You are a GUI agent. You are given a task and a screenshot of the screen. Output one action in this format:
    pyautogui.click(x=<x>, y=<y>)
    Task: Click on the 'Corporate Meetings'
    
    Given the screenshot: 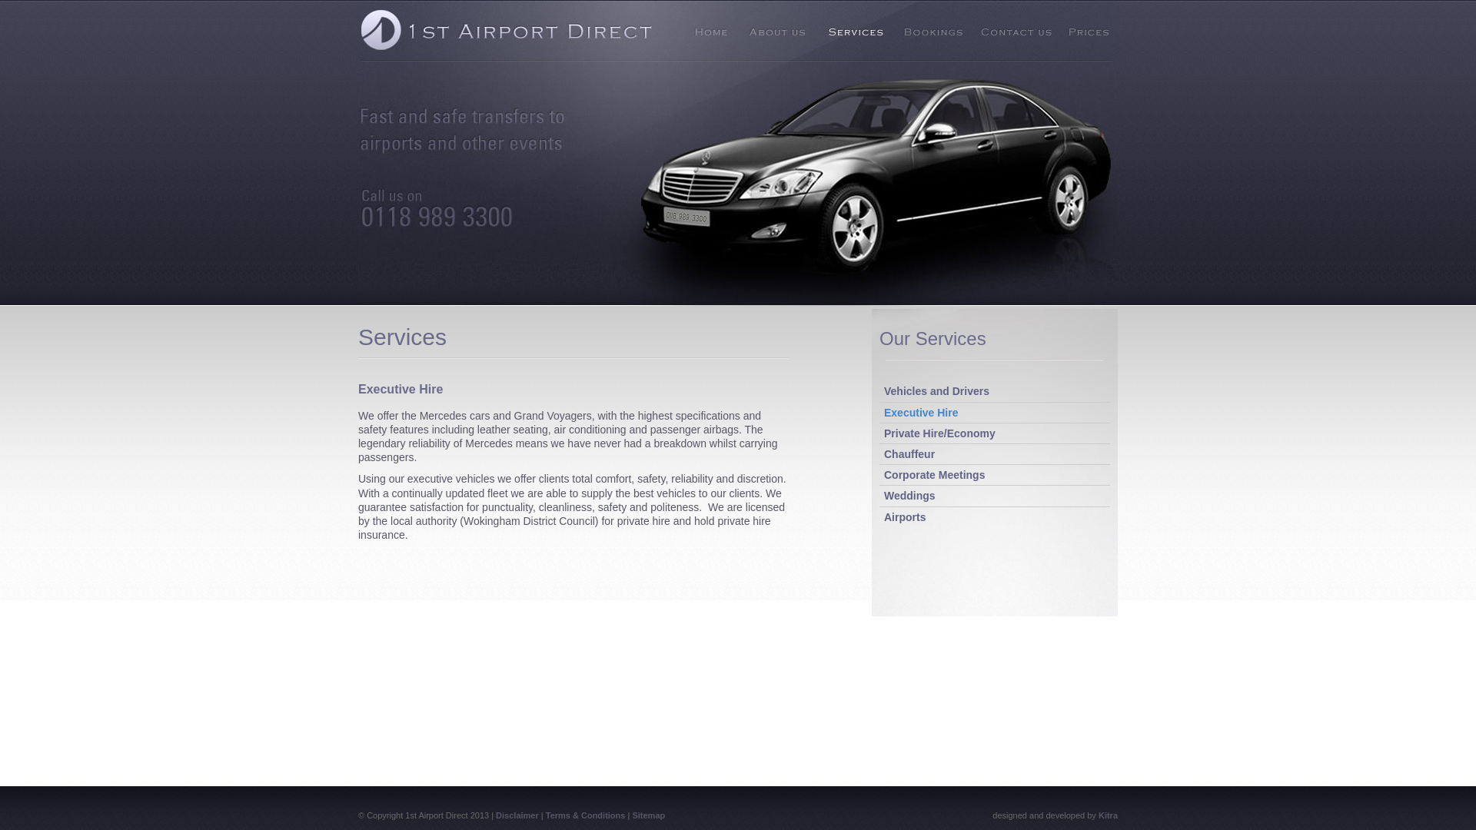 What is the action you would take?
    pyautogui.click(x=933, y=473)
    